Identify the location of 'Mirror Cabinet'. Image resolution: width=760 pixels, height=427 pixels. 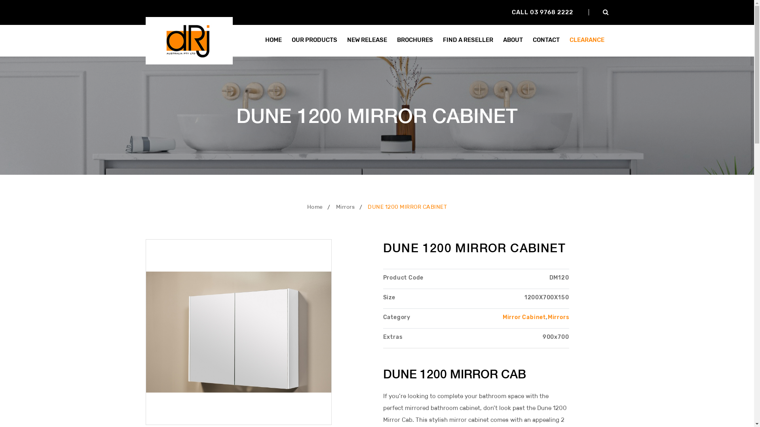
(502, 317).